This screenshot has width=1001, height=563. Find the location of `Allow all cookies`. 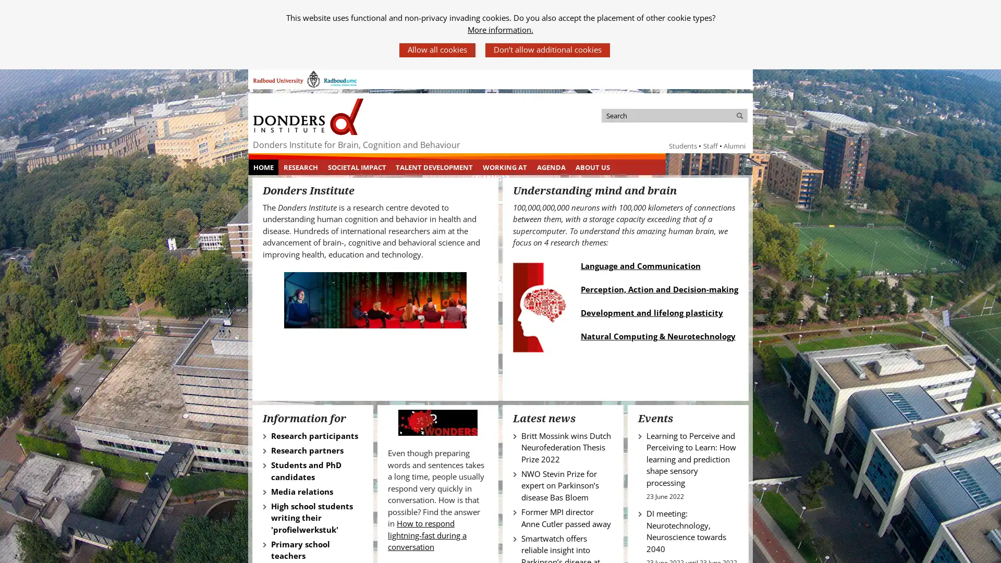

Allow all cookies is located at coordinates (437, 50).